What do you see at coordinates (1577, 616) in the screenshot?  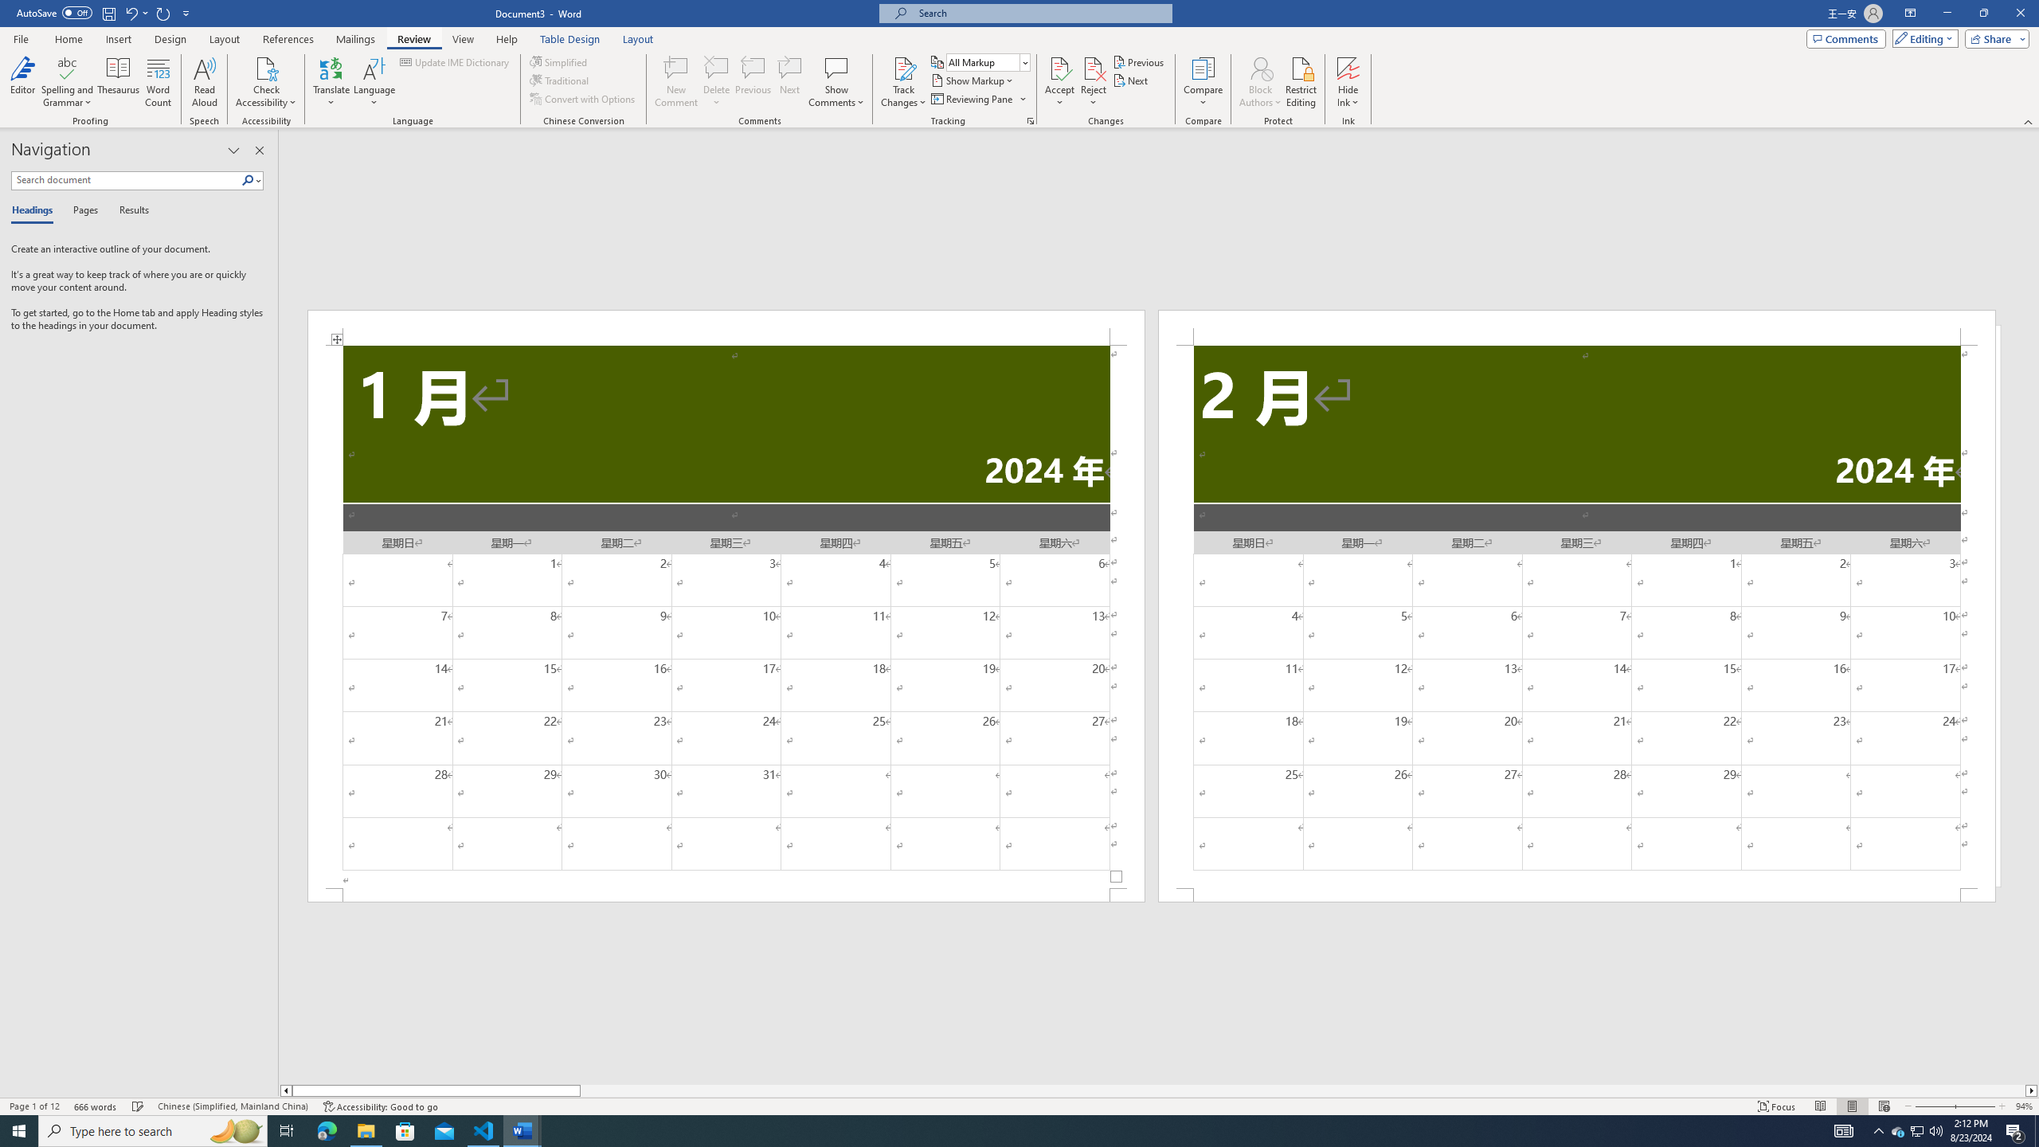 I see `'Page 2 content'` at bounding box center [1577, 616].